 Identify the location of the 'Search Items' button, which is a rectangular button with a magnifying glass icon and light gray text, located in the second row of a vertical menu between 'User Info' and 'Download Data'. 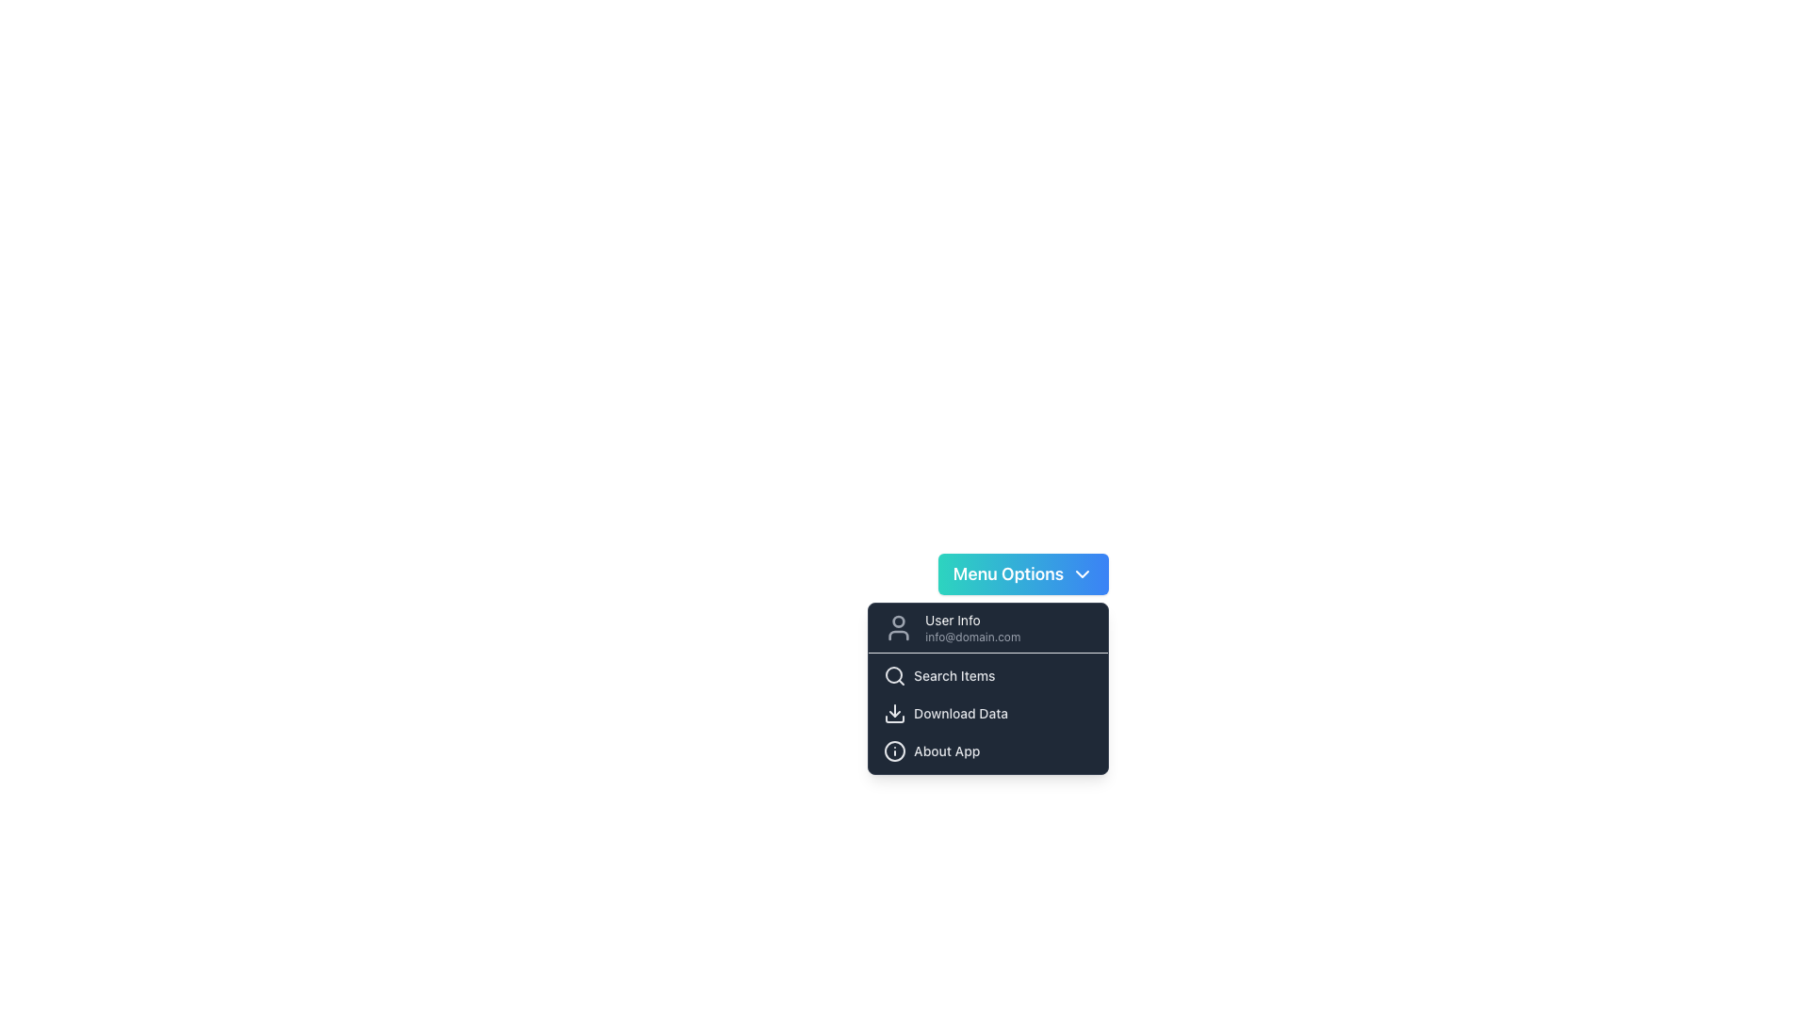
(987, 674).